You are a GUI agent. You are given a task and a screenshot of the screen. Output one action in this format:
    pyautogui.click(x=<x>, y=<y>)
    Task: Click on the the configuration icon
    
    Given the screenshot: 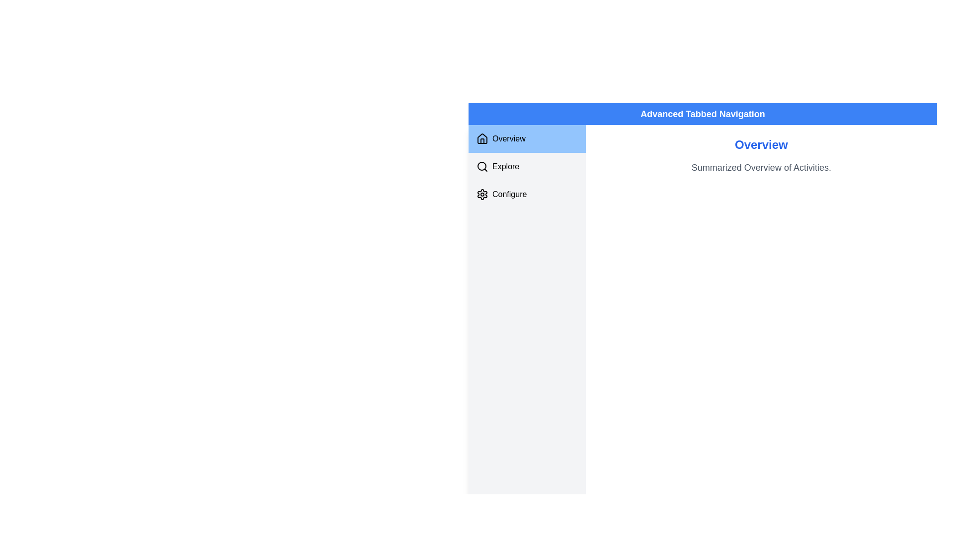 What is the action you would take?
    pyautogui.click(x=482, y=195)
    